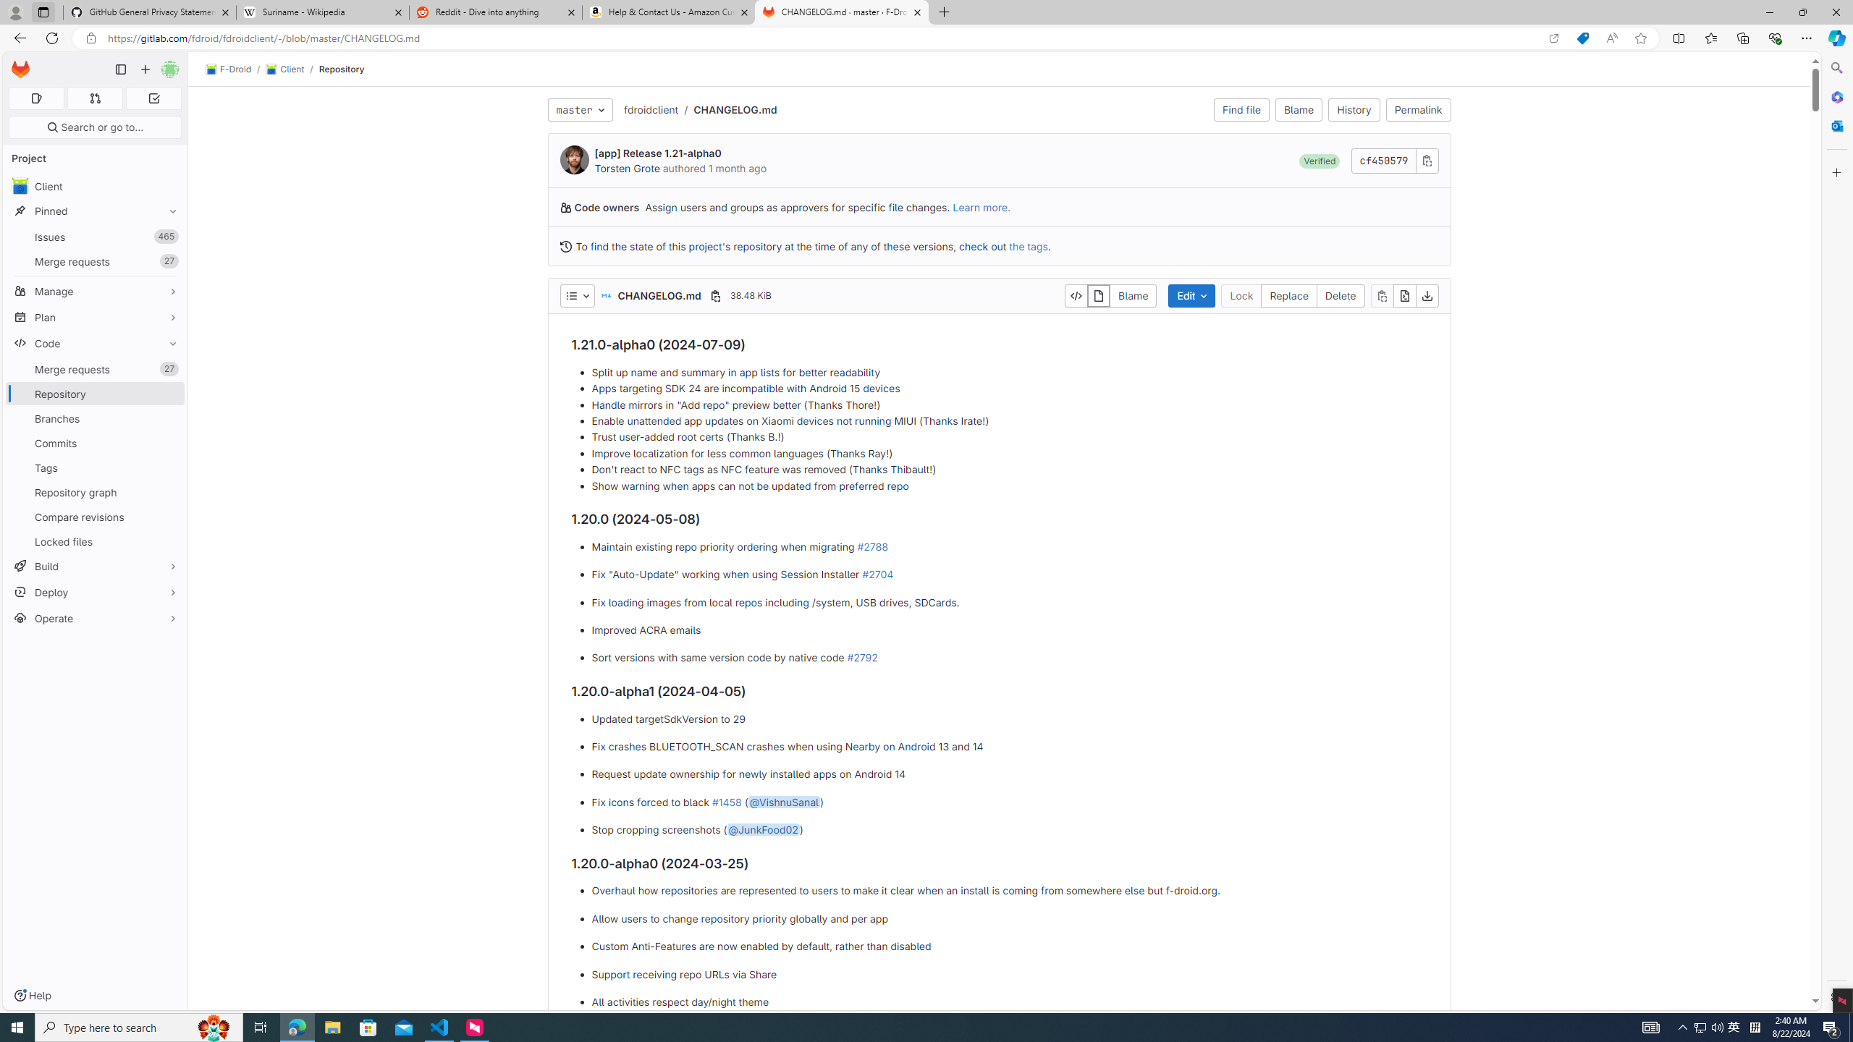 This screenshot has width=1853, height=1042. Describe the element at coordinates (785, 801) in the screenshot. I see `'@VishnuSanal'` at that location.